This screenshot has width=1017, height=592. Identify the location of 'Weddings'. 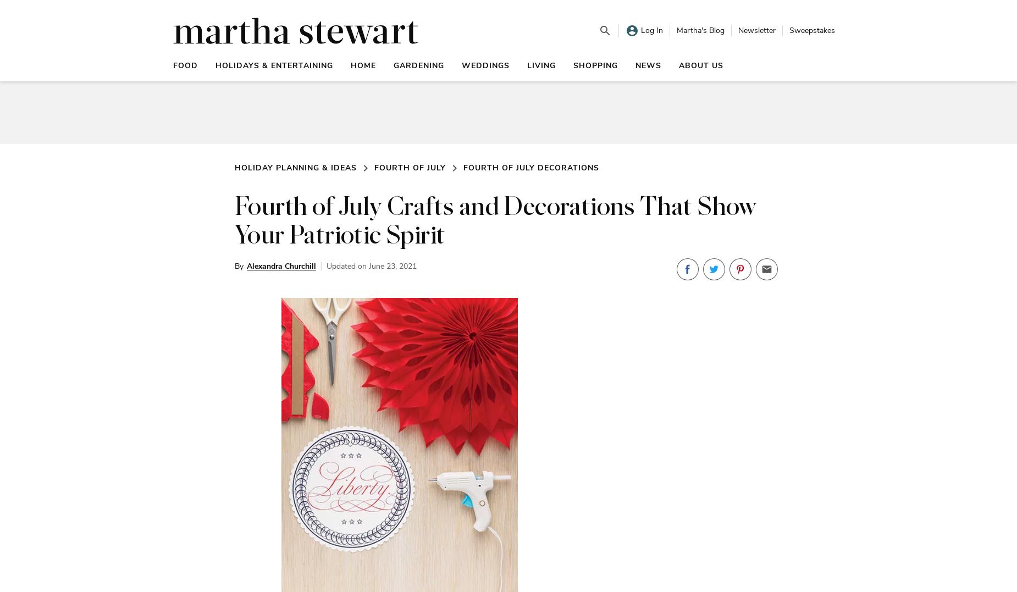
(485, 65).